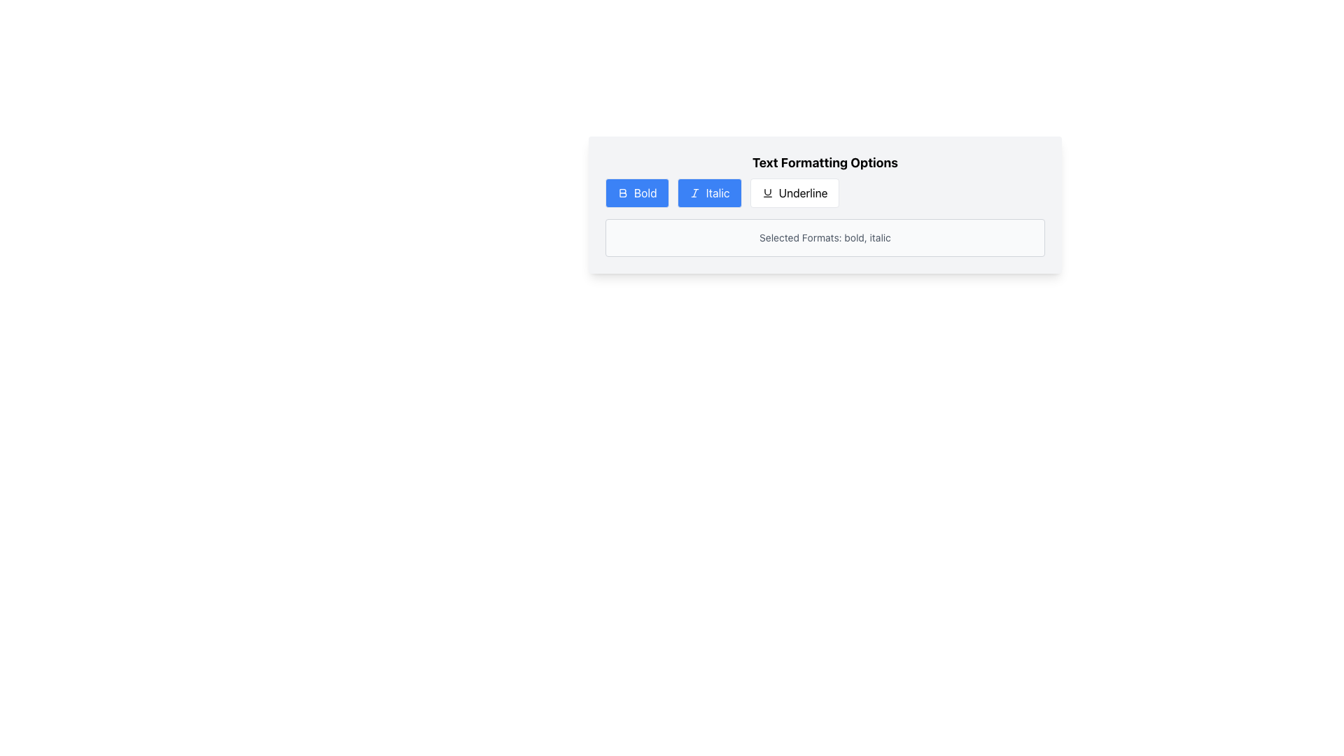  I want to click on status indicator text label that shows the currently selected text formatting options, which are bold and italic, so click(825, 237).